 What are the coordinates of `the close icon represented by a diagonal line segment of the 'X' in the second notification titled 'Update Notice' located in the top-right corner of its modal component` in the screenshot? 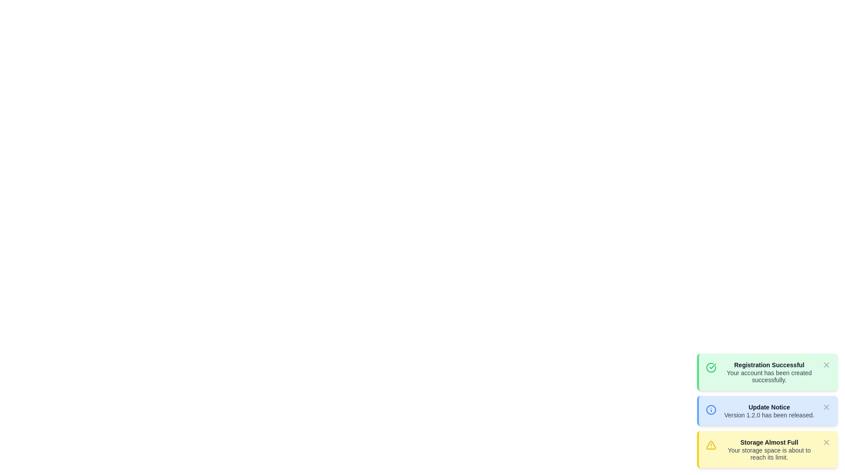 It's located at (826, 407).